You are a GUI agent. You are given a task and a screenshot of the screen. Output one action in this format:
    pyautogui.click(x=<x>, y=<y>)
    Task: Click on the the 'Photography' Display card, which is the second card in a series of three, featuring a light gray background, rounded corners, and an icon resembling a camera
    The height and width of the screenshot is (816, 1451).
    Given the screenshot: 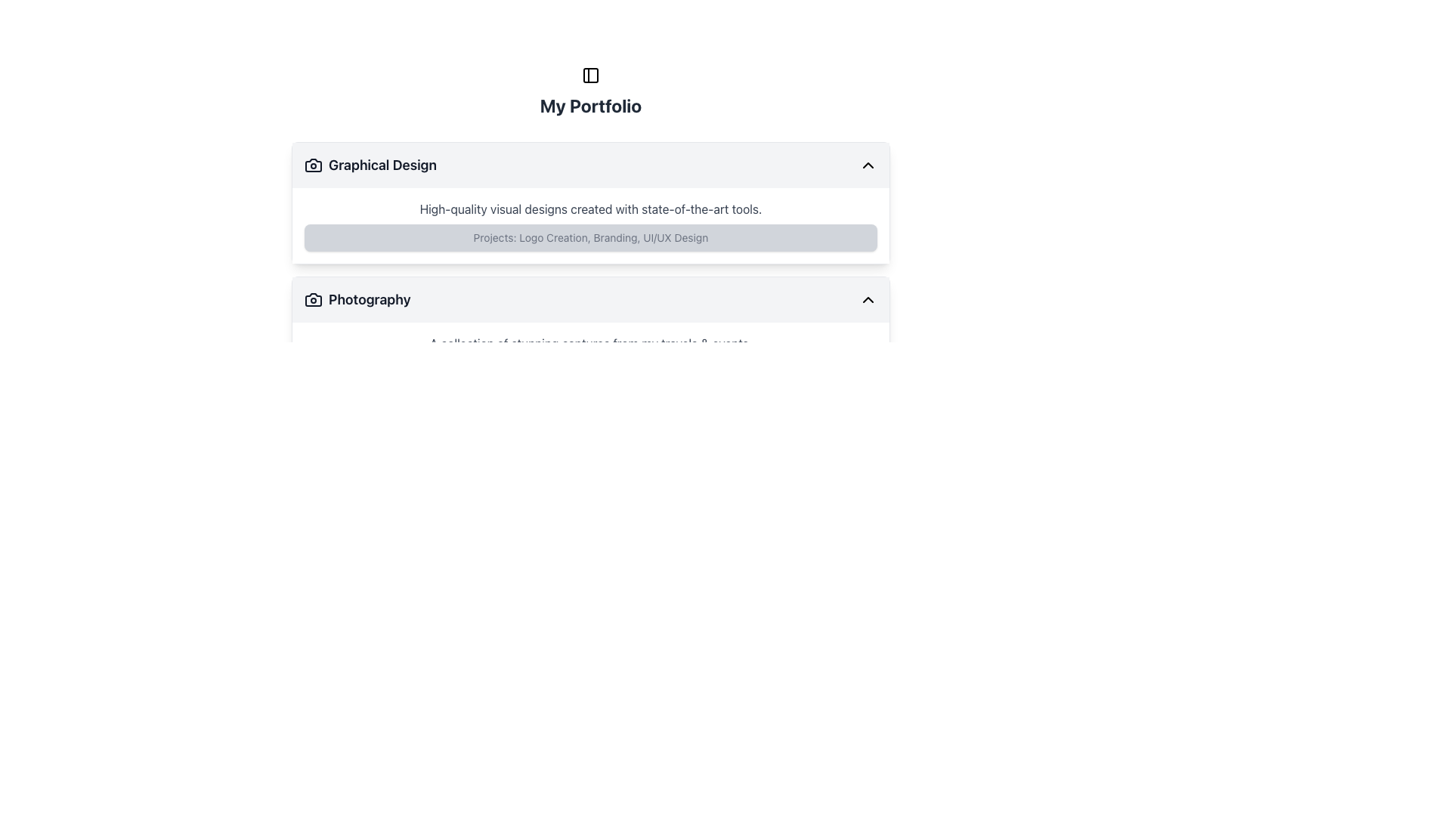 What is the action you would take?
    pyautogui.click(x=590, y=337)
    